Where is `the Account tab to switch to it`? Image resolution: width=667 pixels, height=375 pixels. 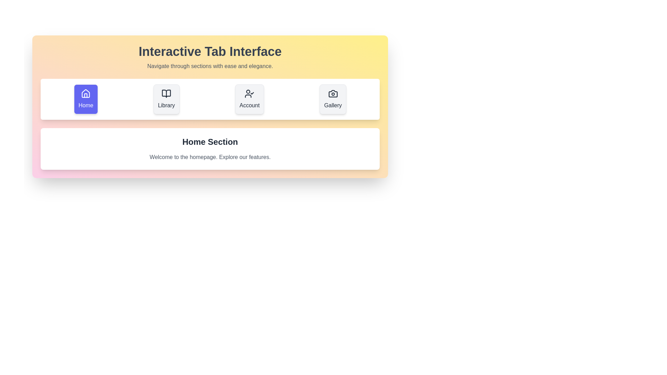 the Account tab to switch to it is located at coordinates (249, 99).